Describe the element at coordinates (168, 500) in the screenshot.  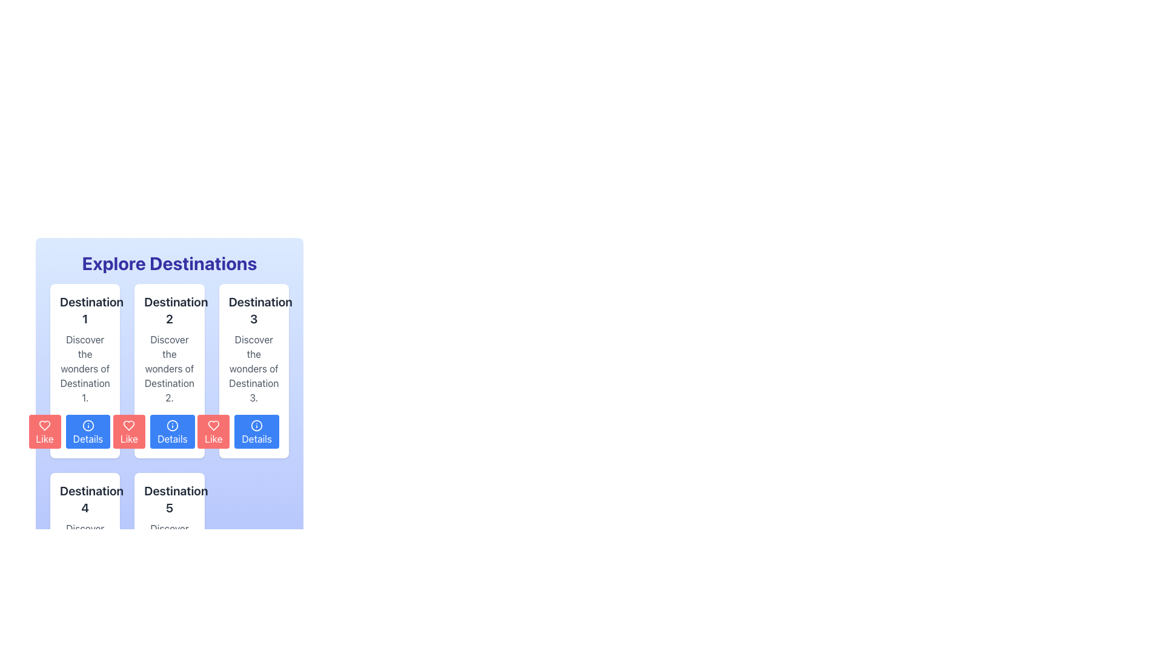
I see `the text label displaying 'Destination 5' which is styled in bold and large dark gray font, located in the lower row of the card grid, specifically within the second card from the left` at that location.